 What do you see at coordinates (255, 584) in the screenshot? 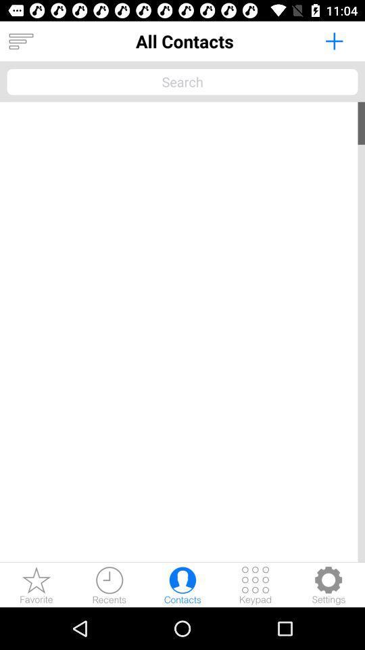
I see `show keypad` at bounding box center [255, 584].